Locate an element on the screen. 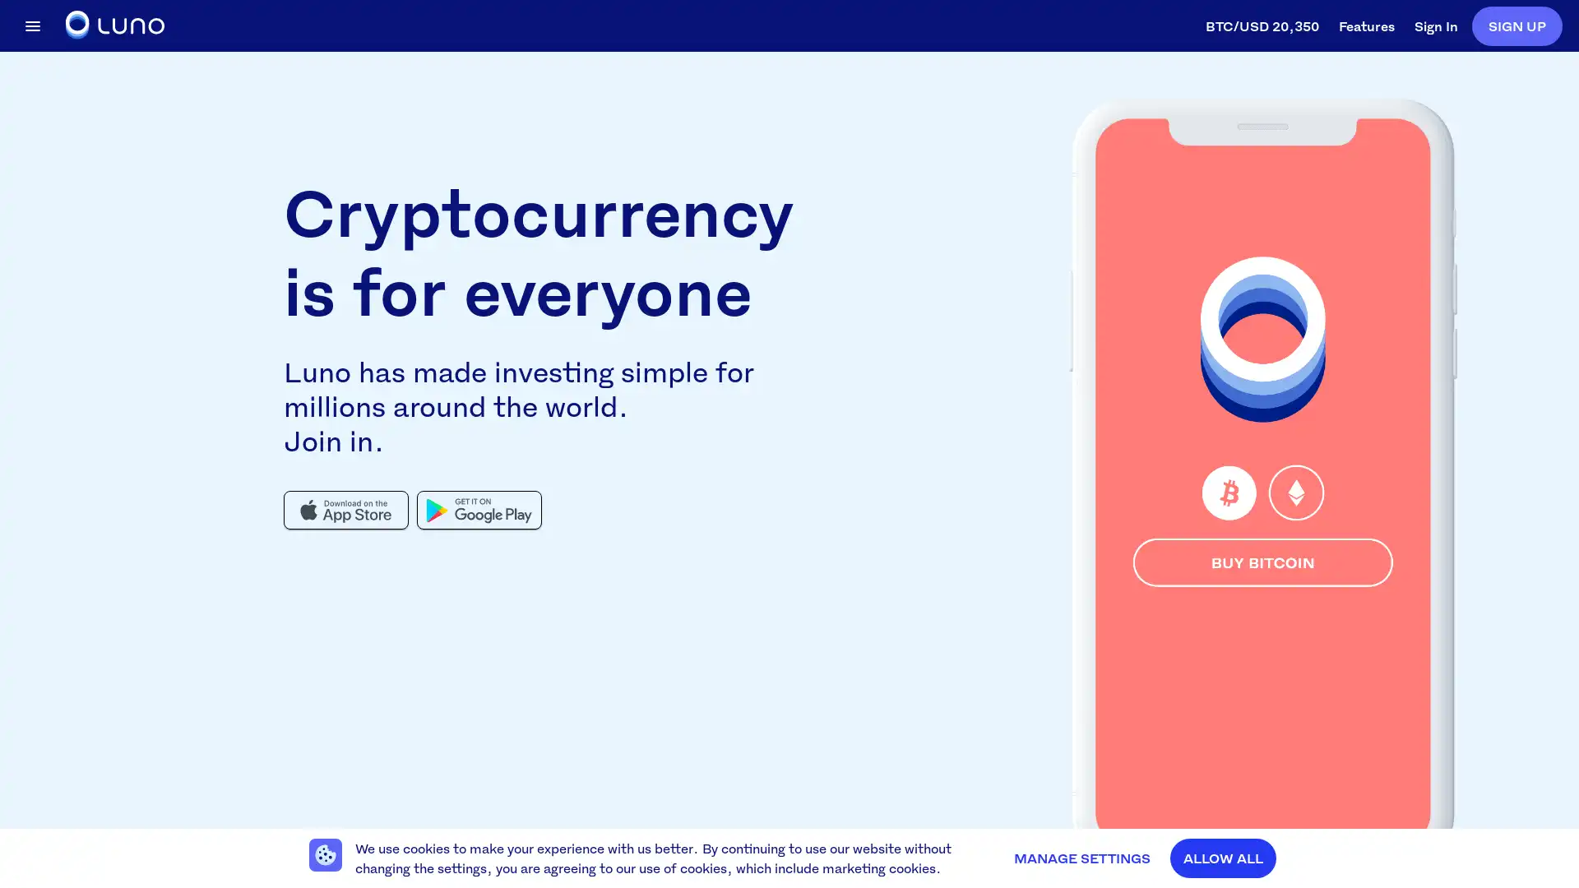 This screenshot has height=888, width=1579. MANAGE SETTINGS is located at coordinates (1081, 858).